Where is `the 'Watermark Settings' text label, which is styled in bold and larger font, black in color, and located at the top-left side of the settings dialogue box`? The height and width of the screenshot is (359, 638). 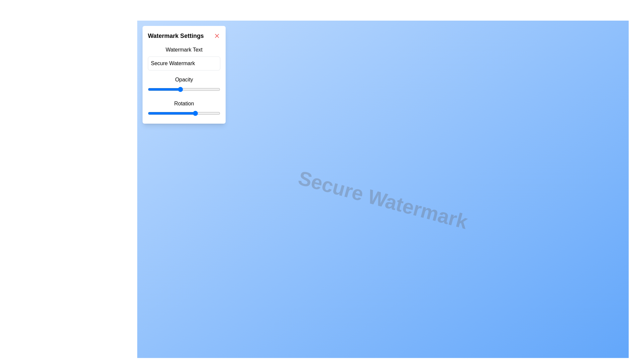 the 'Watermark Settings' text label, which is styled in bold and larger font, black in color, and located at the top-left side of the settings dialogue box is located at coordinates (176, 36).